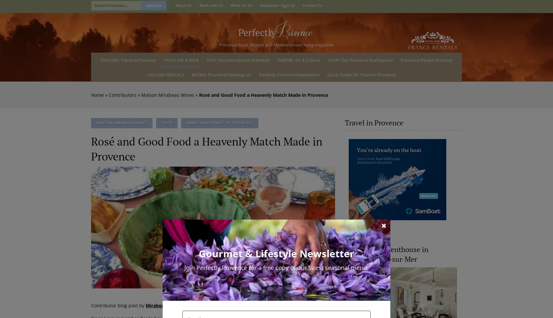 This screenshot has height=318, width=553. What do you see at coordinates (128, 59) in the screenshot?
I see `'EXPLORE: Travel in Provence'` at bounding box center [128, 59].